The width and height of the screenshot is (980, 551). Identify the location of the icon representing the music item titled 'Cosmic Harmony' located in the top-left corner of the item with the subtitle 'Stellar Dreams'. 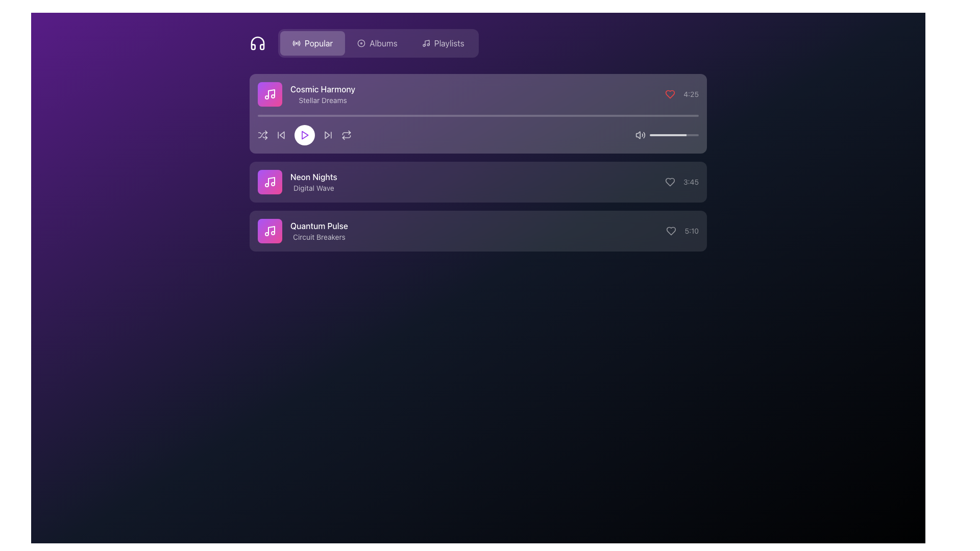
(269, 94).